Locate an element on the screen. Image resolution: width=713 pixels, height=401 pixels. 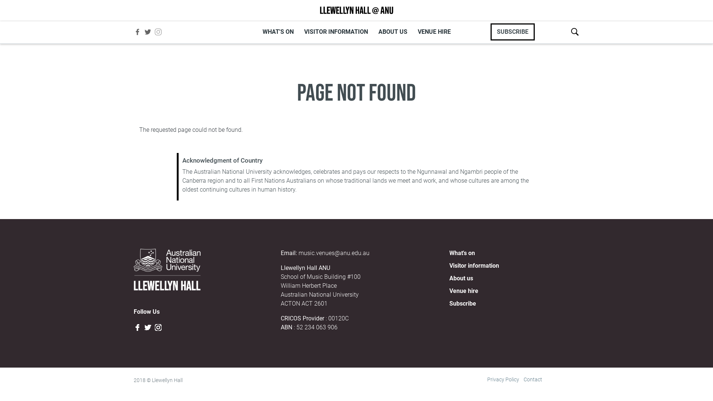
'Privacy Policy' is located at coordinates (487, 379).